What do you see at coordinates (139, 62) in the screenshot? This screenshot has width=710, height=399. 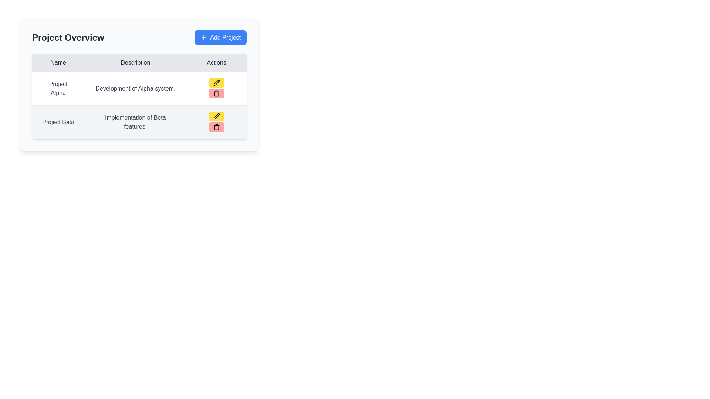 I see `the Table Header Row of the data table in the 'Project Overview' section, which labels the columns for project names, descriptions, and actions` at bounding box center [139, 62].